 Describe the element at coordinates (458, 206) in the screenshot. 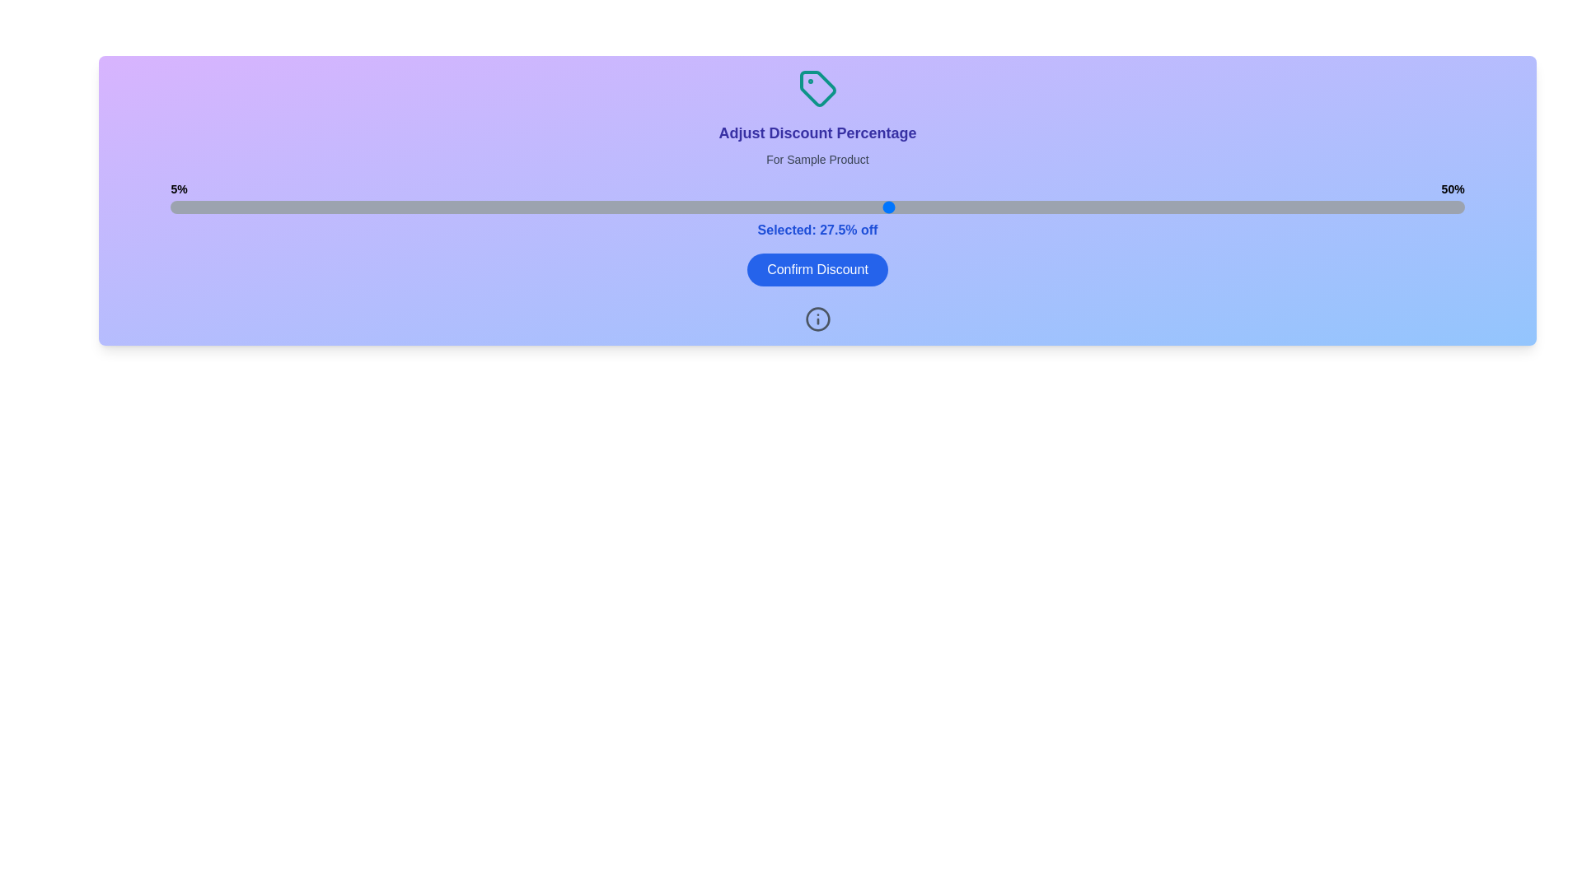

I see `the discount percentage` at that location.